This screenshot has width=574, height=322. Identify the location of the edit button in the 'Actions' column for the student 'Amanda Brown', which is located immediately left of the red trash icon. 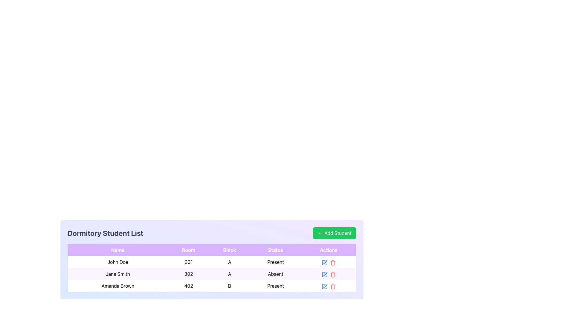
(324, 286).